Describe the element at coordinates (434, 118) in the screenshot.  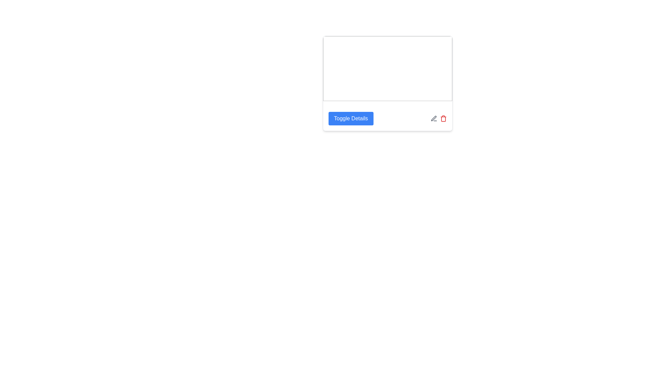
I see `the pen or editing tool icon located in the bottom right section of the interface, which signifies options for editing or modifying content` at that location.